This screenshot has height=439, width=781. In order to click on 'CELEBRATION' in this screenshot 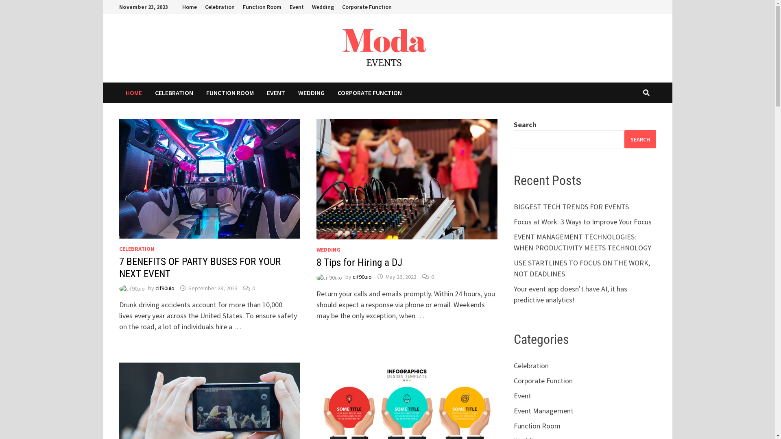, I will do `click(136, 248)`.